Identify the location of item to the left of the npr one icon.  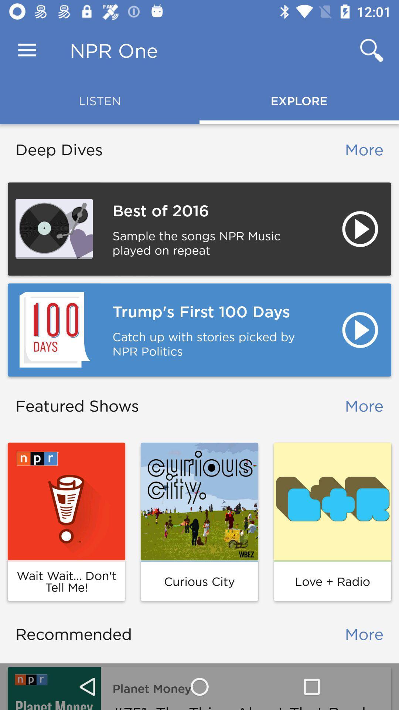
(27, 50).